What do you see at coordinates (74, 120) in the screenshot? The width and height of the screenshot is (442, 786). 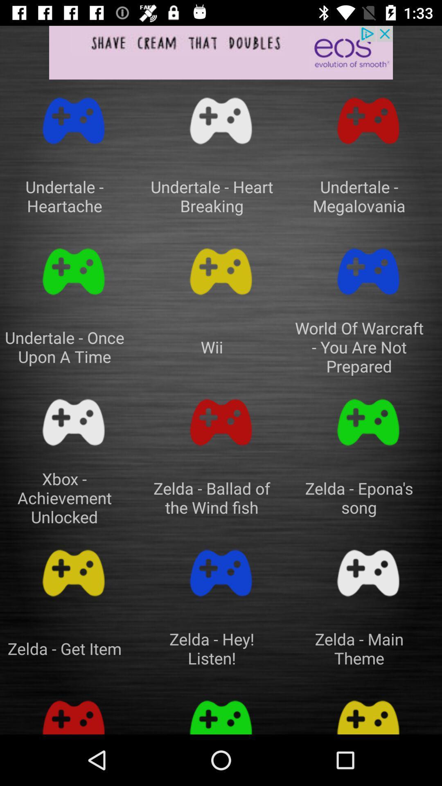 I see `open game` at bounding box center [74, 120].